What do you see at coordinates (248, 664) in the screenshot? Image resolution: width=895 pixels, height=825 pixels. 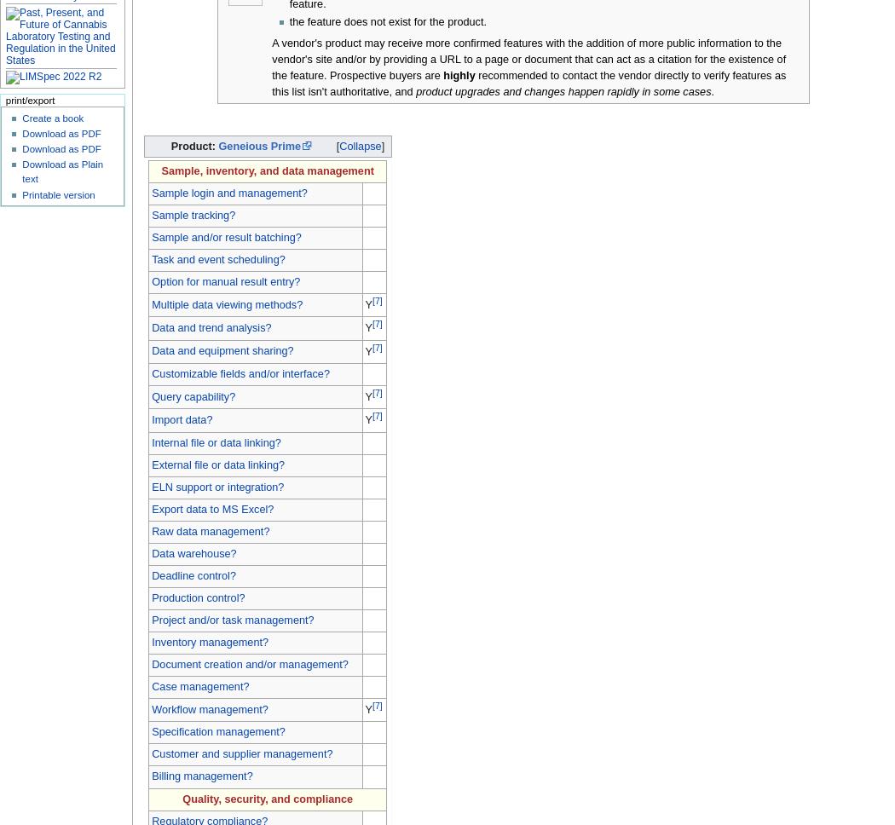 I see `'Document creation and/or management?'` at bounding box center [248, 664].